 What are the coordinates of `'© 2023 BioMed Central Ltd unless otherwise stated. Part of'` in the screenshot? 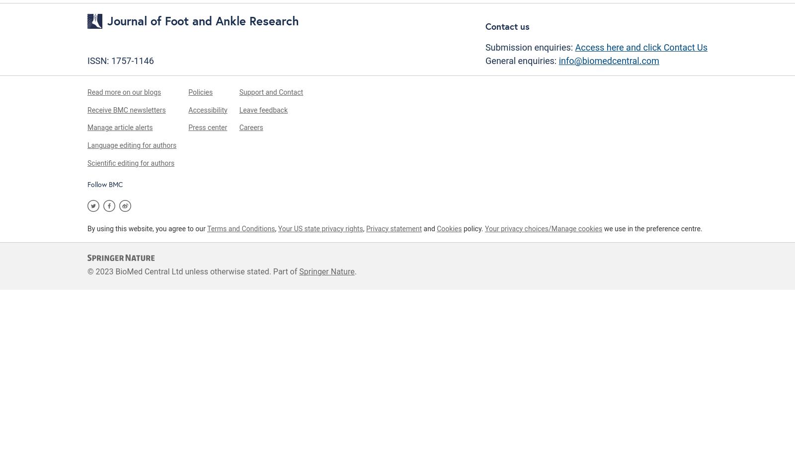 It's located at (193, 270).